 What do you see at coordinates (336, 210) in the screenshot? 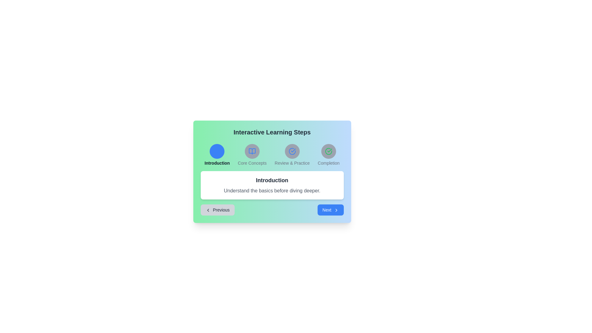
I see `the Chevron icon located inside the 'Next' button at the lower right corner of the dialog box, which visually complements the 'Next' label` at bounding box center [336, 210].